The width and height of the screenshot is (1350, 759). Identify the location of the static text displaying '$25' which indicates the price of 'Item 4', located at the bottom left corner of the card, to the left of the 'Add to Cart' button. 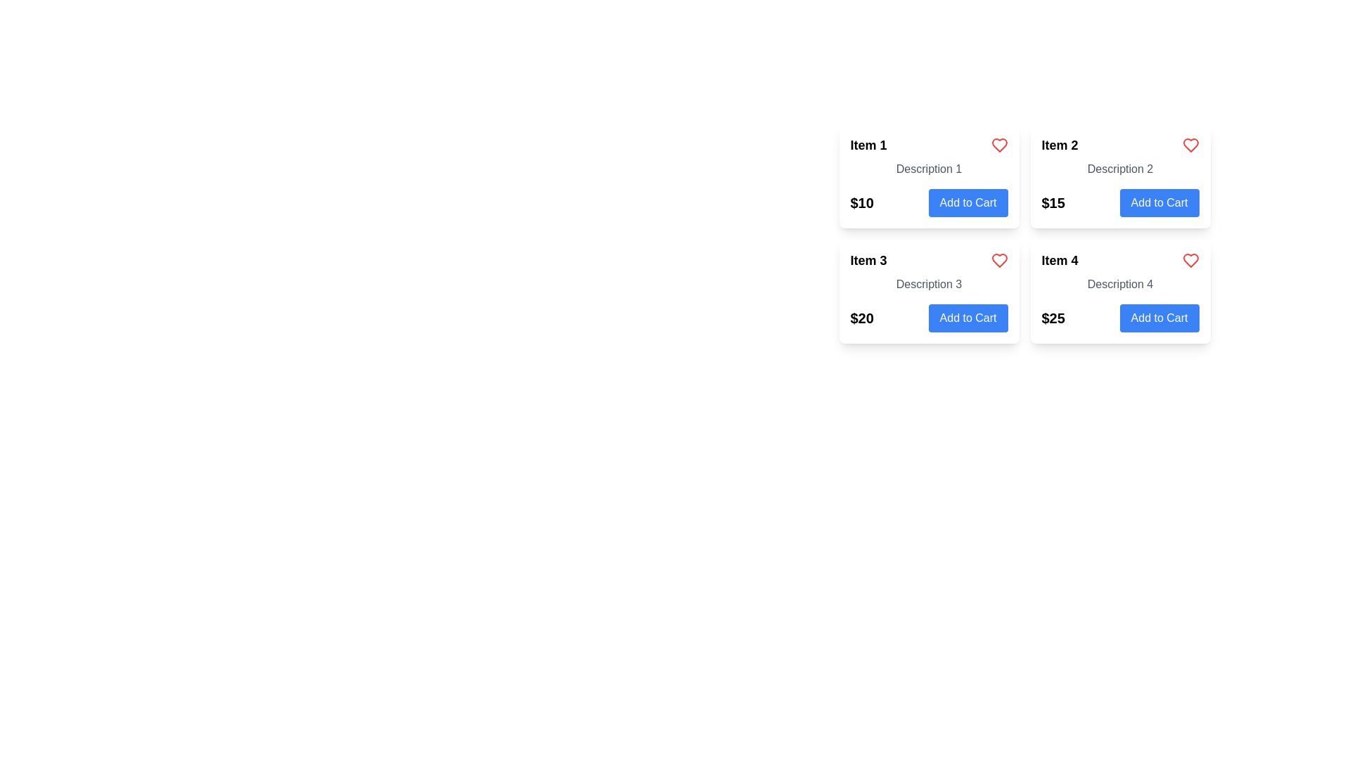
(1053, 318).